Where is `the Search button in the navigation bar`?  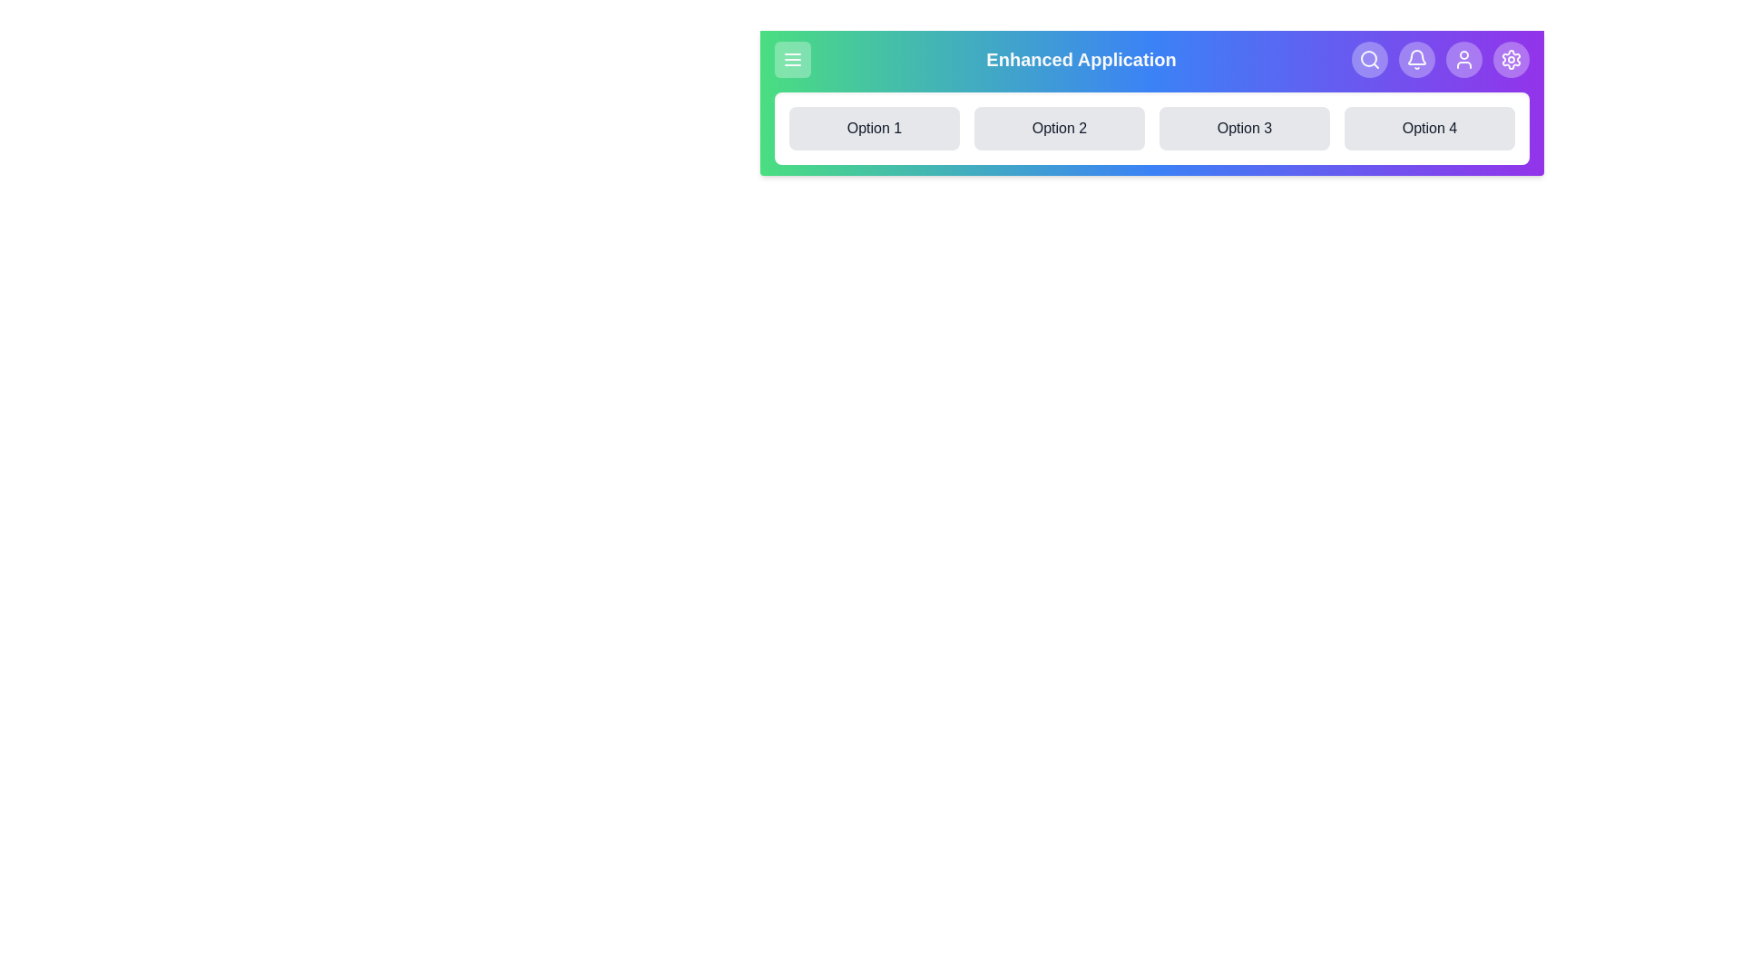 the Search button in the navigation bar is located at coordinates (1370, 58).